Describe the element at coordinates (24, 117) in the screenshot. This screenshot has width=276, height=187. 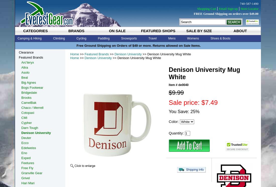
I see `'CMI'` at that location.